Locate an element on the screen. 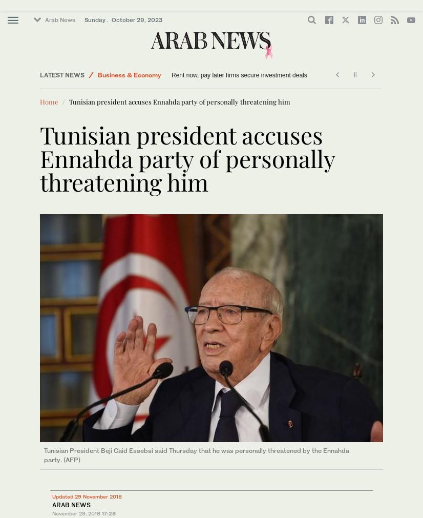  'Sunday .  October 29, 2023' is located at coordinates (123, 19).